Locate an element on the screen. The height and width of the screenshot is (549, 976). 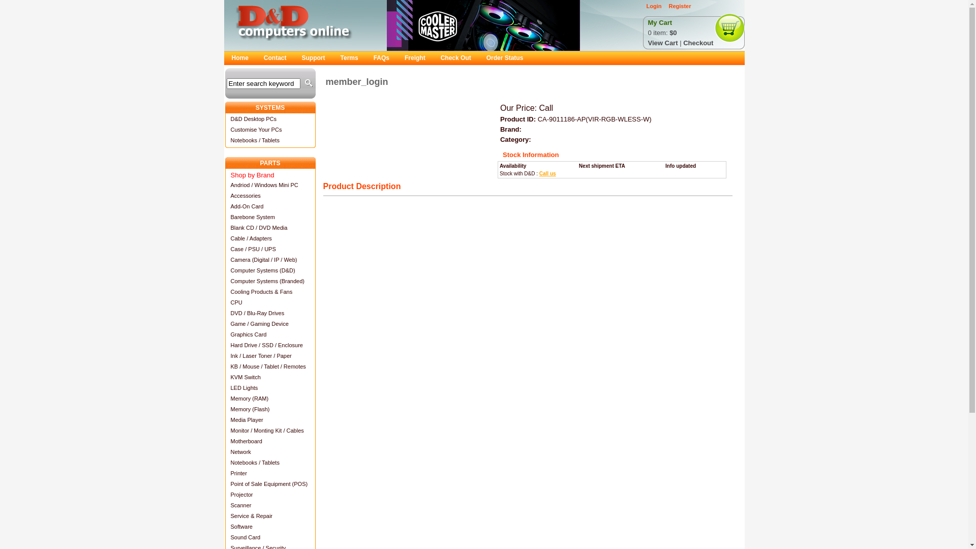
'Freight' is located at coordinates (415, 58).